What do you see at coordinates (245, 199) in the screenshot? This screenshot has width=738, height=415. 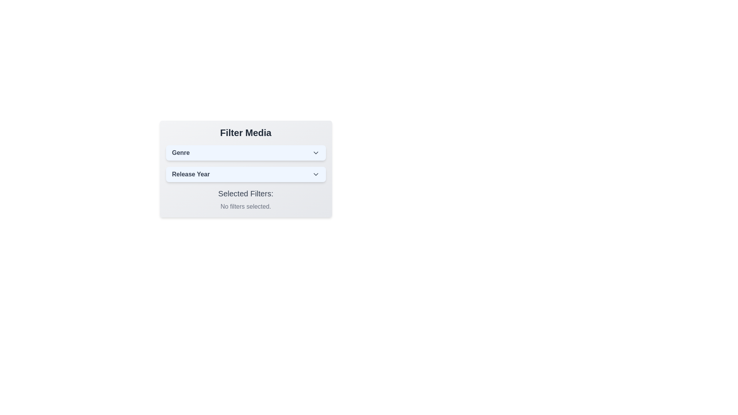 I see `the Text Display element that indicates the current state of filters, which reads 'Selected Filters:' in bold gray and 'No filters selected.' in lighter text, located under the 'Filter Media' section` at bounding box center [245, 199].